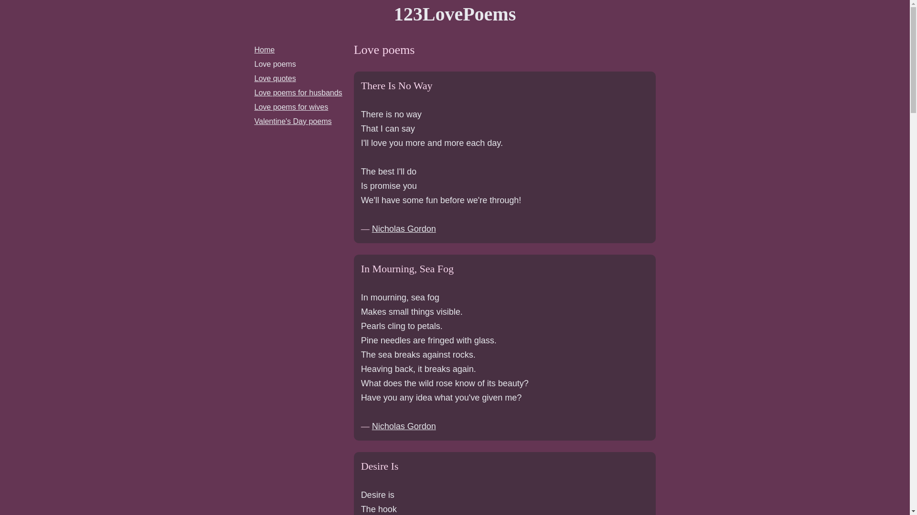  Describe the element at coordinates (264, 50) in the screenshot. I see `'Home'` at that location.